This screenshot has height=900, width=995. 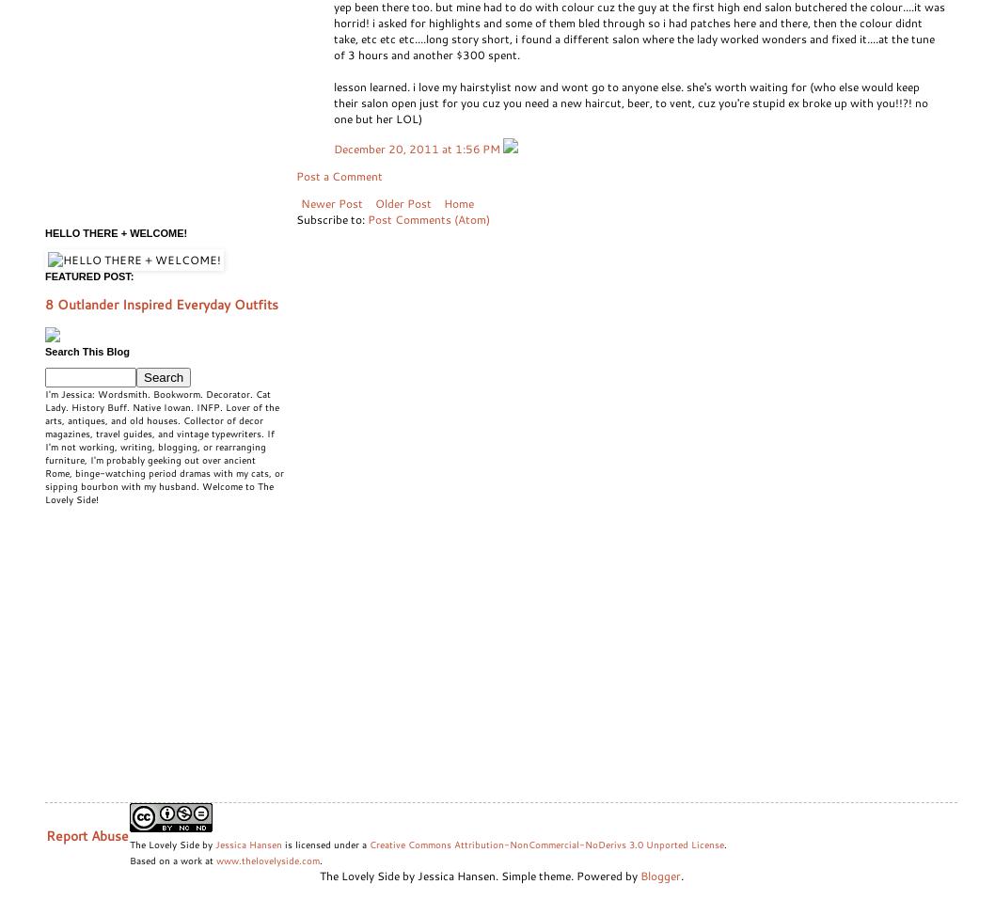 I want to click on 'Post Comments (Atom)', so click(x=427, y=218).